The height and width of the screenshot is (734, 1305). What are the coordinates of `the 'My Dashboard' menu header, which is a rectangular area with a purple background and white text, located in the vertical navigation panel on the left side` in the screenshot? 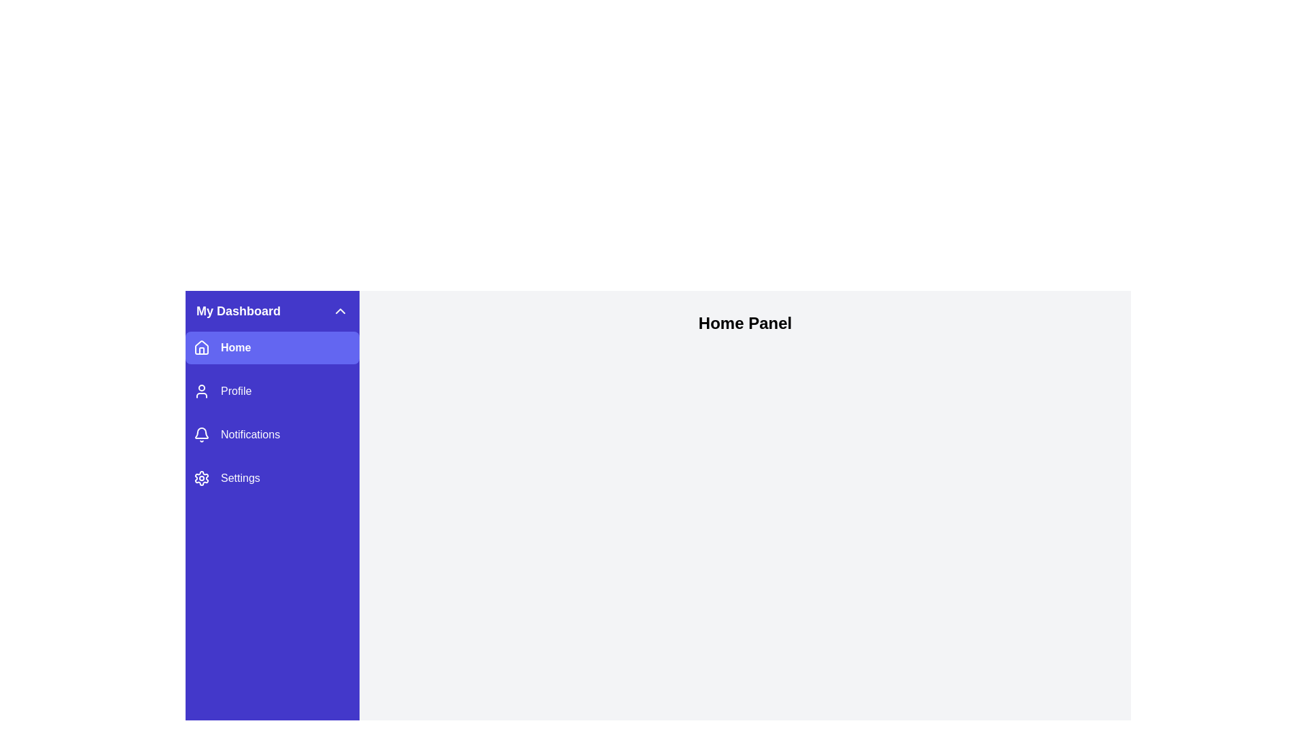 It's located at (272, 311).